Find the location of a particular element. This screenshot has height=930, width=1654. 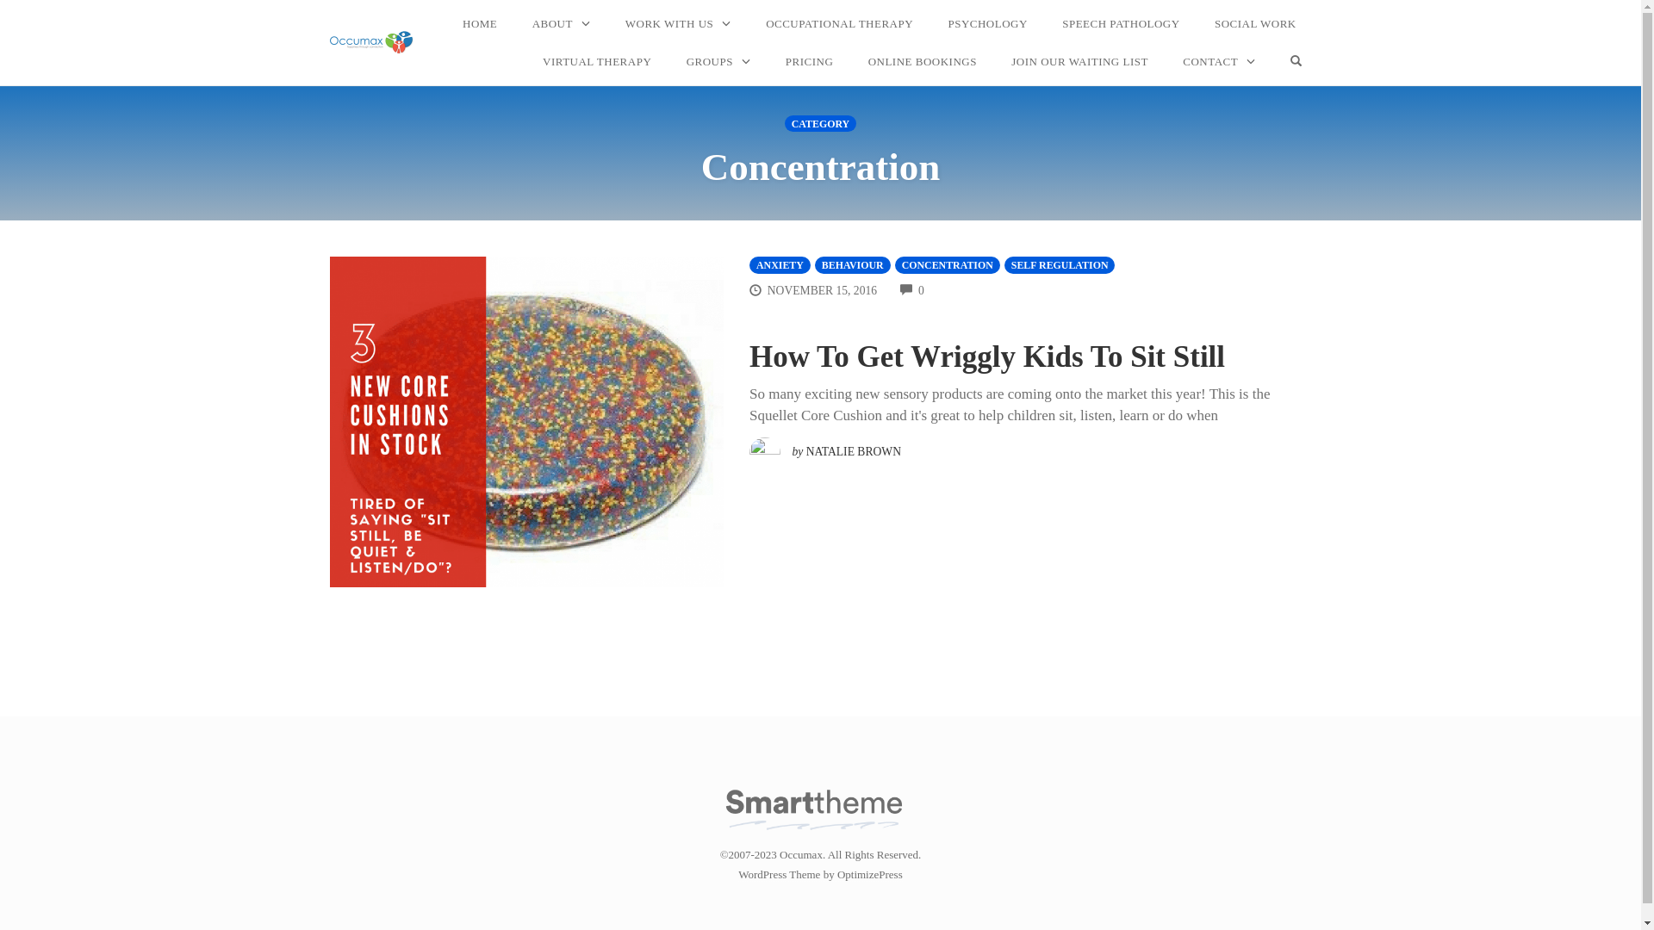

'BEHAVIOUR' is located at coordinates (852, 264).